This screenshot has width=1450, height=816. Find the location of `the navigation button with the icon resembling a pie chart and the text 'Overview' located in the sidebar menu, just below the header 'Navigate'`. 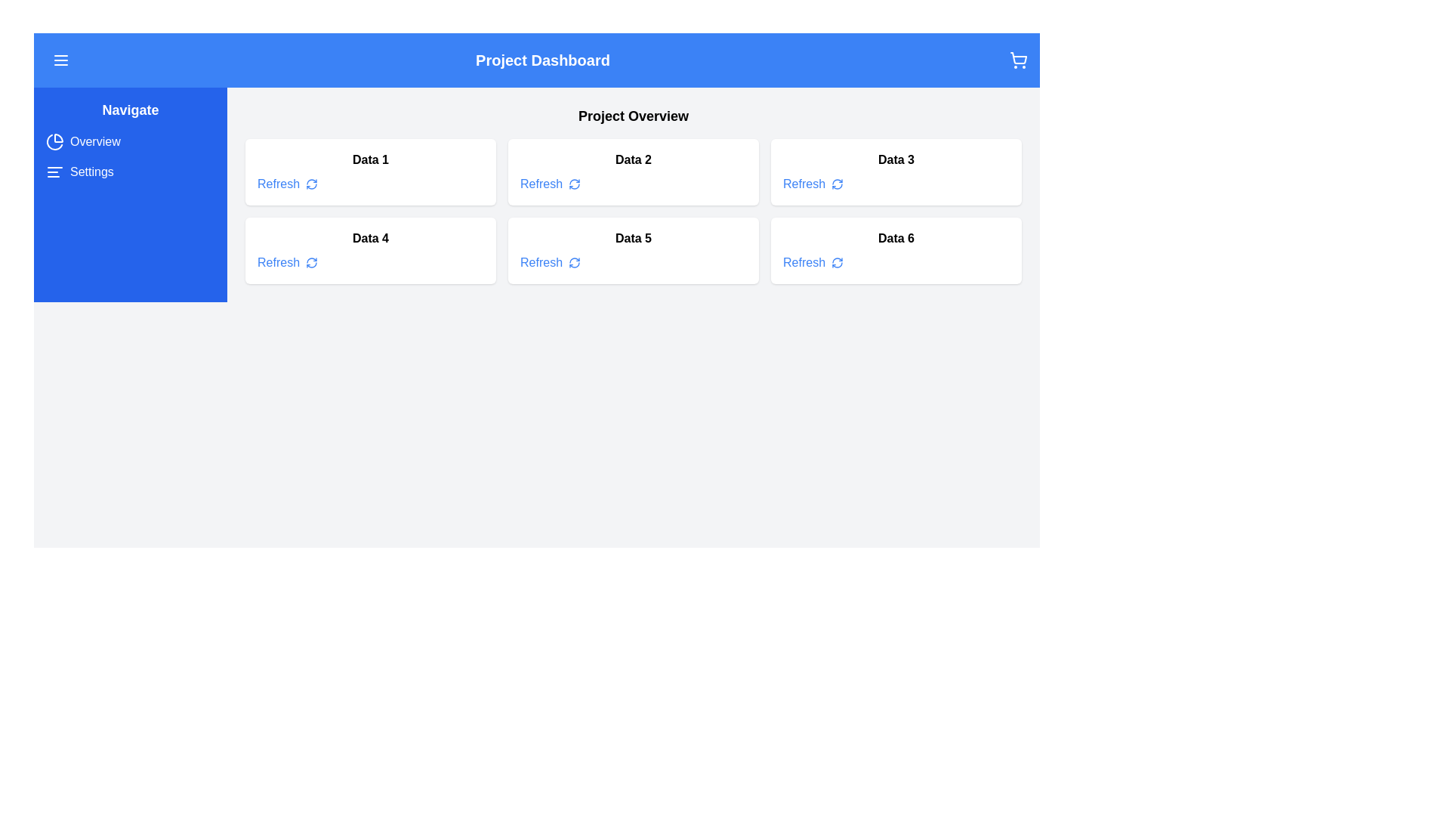

the navigation button with the icon resembling a pie chart and the text 'Overview' located in the sidebar menu, just below the header 'Navigate' is located at coordinates (82, 142).